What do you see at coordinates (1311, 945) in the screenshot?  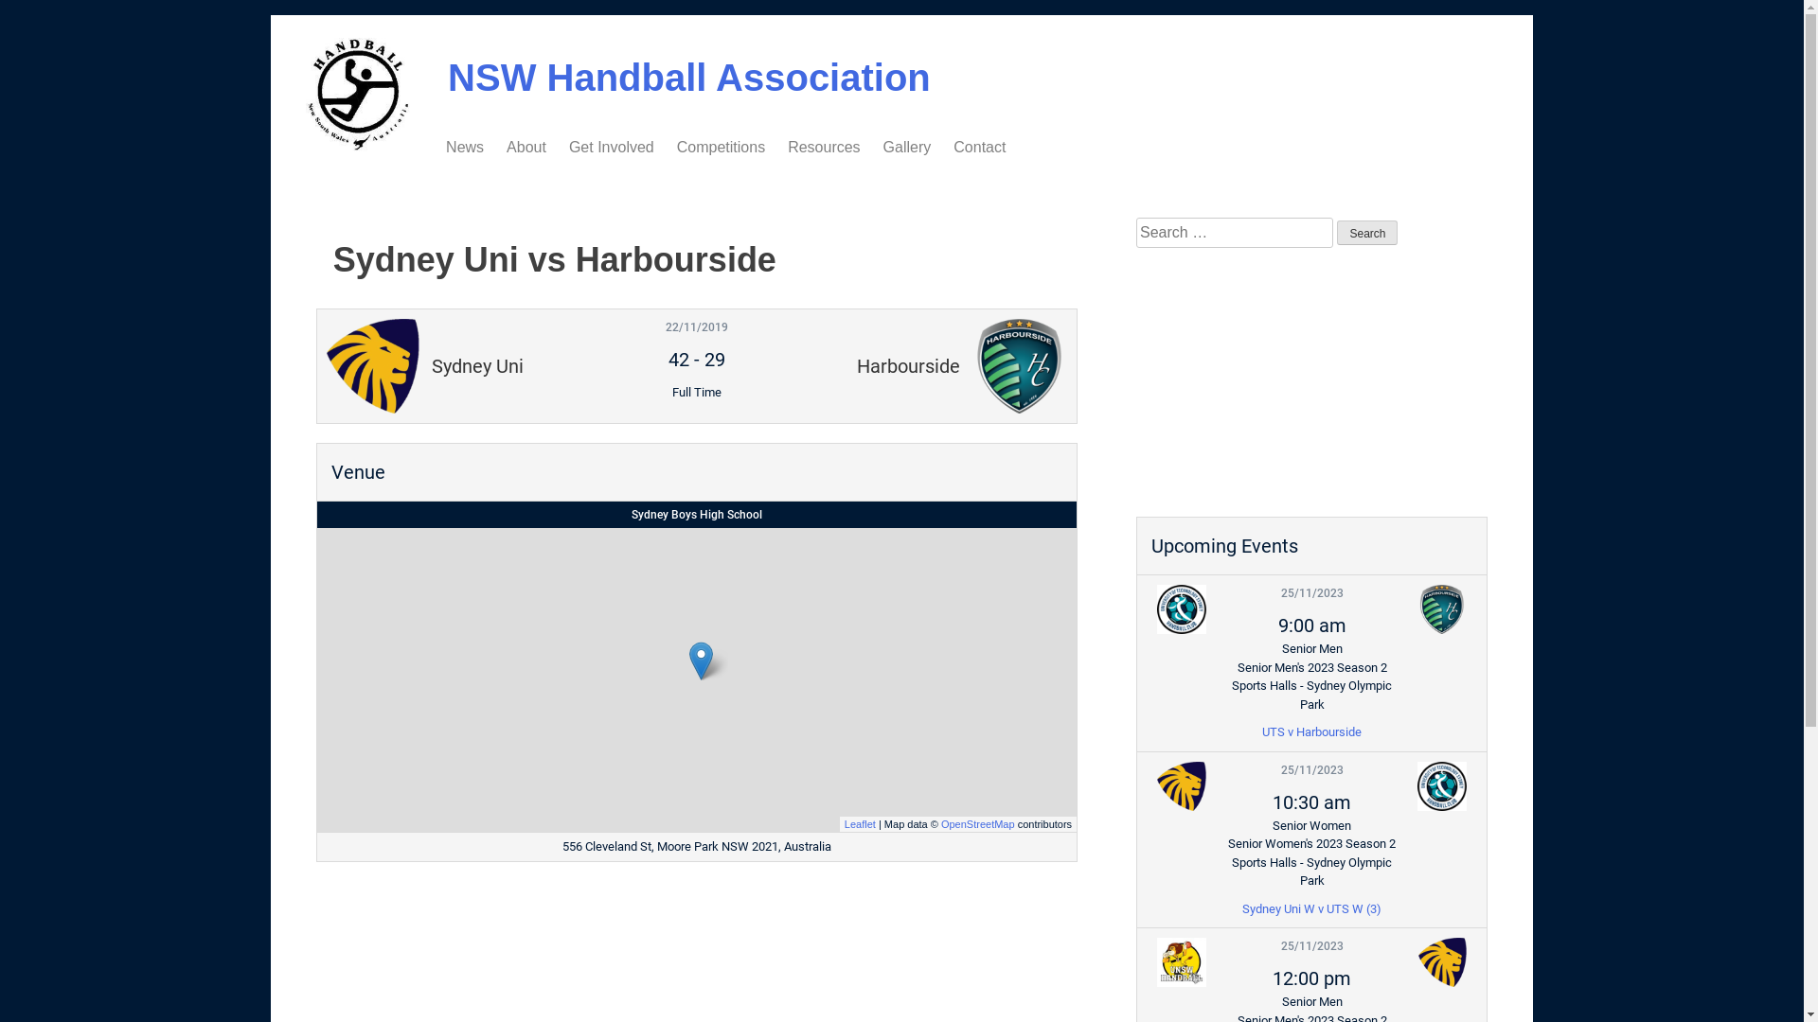 I see `'25/11/2023'` at bounding box center [1311, 945].